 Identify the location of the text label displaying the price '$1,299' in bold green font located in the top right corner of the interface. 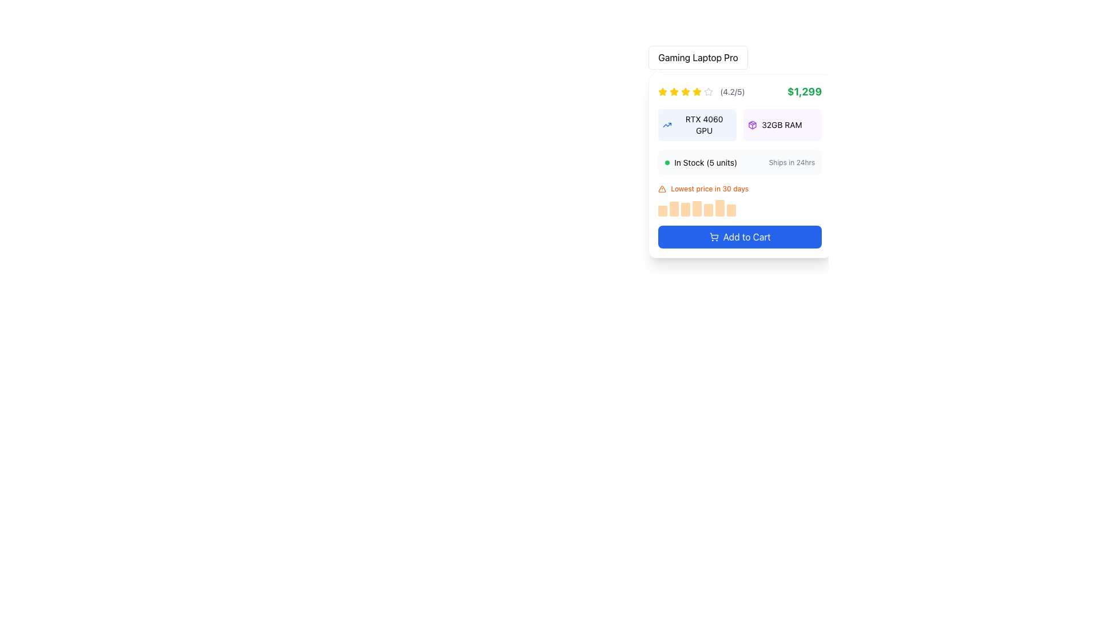
(804, 91).